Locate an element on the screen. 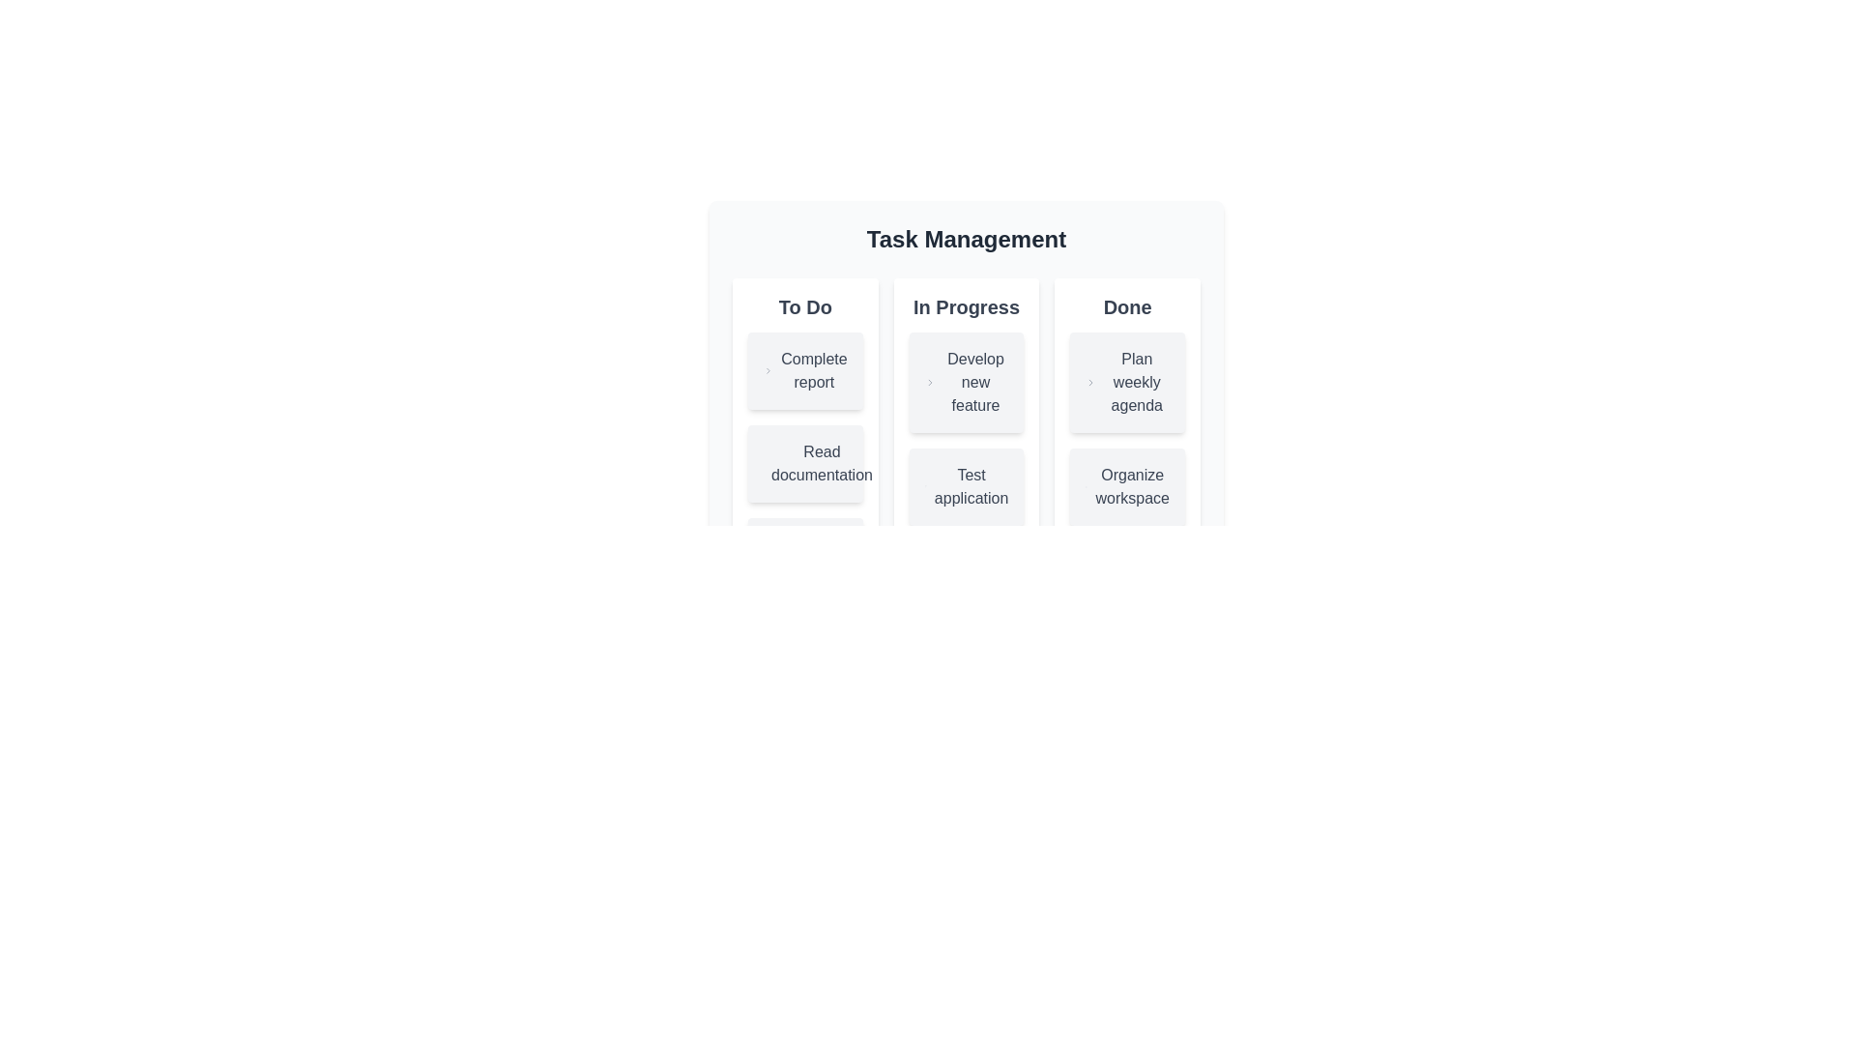 The height and width of the screenshot is (1044, 1856). the 'Read documentation' button, which is the second button in the 'To Do' list of the 'Task Management' interface is located at coordinates (805, 463).